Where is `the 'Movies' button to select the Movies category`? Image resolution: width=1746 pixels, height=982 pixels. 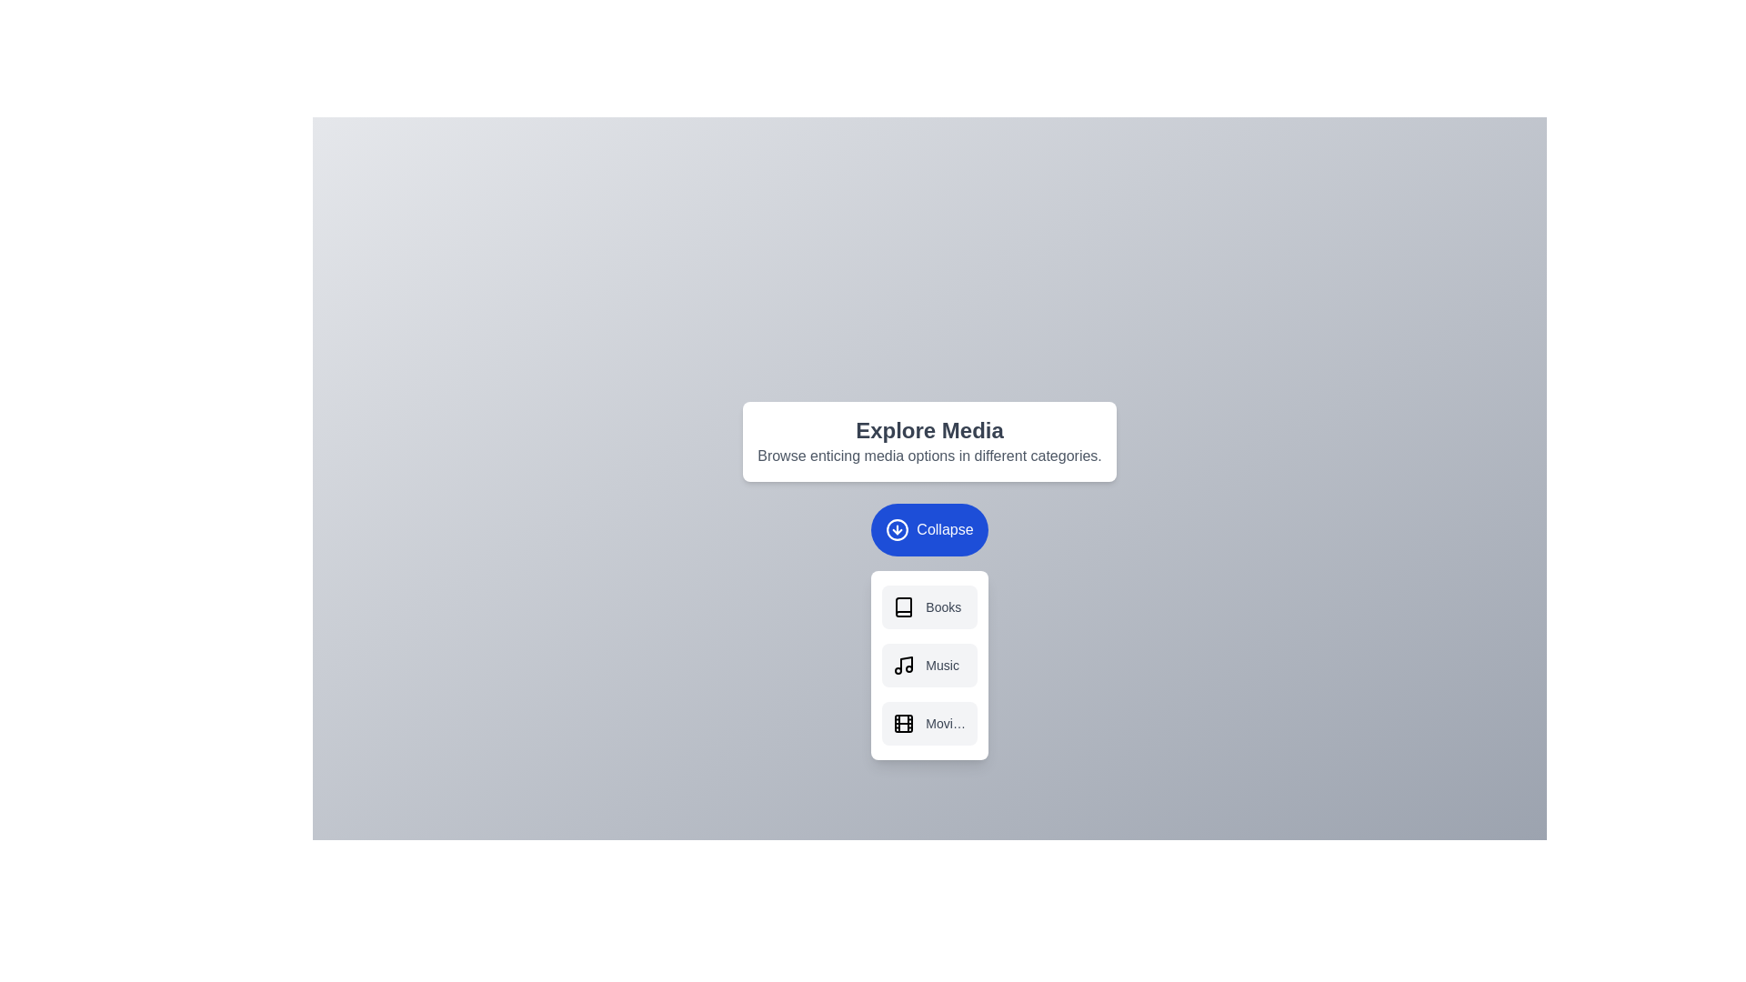
the 'Movies' button to select the Movies category is located at coordinates (929, 722).